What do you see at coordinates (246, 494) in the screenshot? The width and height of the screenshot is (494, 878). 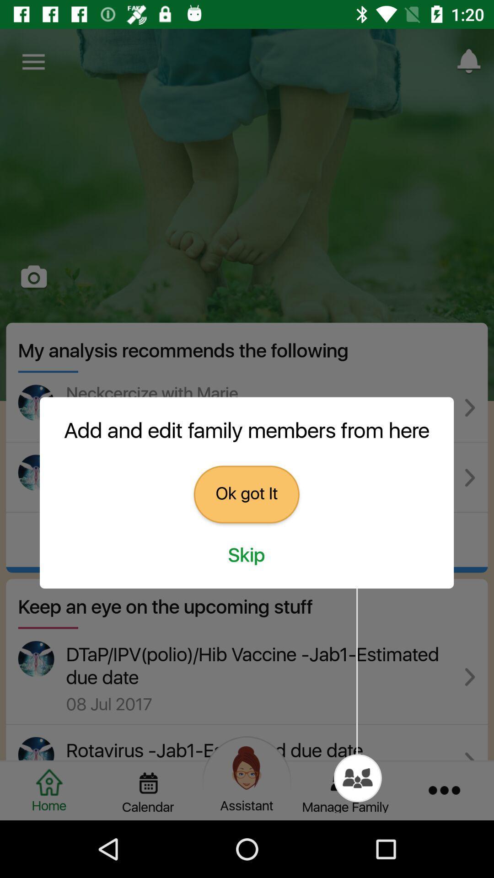 I see `ok got it item` at bounding box center [246, 494].